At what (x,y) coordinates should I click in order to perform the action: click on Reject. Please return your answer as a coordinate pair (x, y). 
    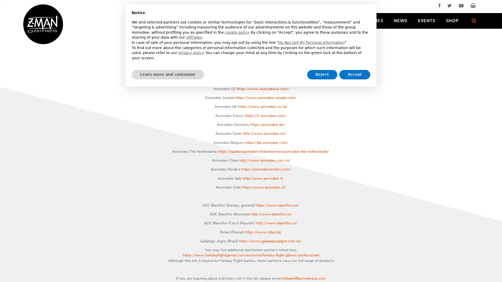
    Looking at the image, I should click on (322, 74).